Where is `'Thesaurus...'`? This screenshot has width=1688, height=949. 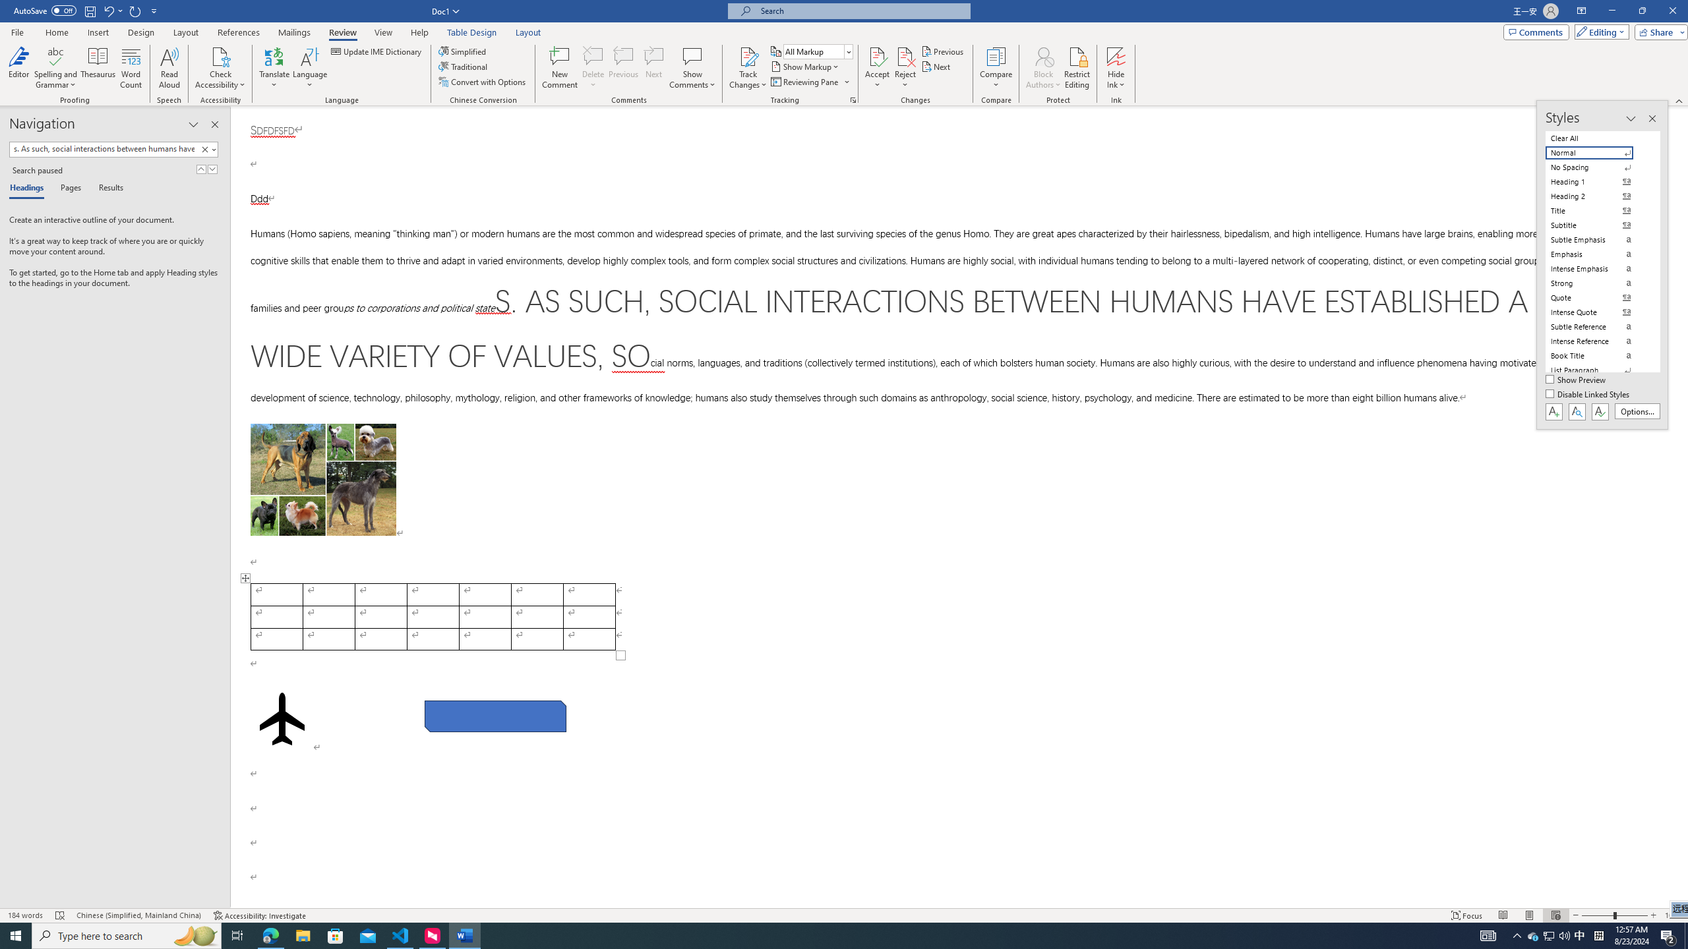 'Thesaurus...' is located at coordinates (98, 68).